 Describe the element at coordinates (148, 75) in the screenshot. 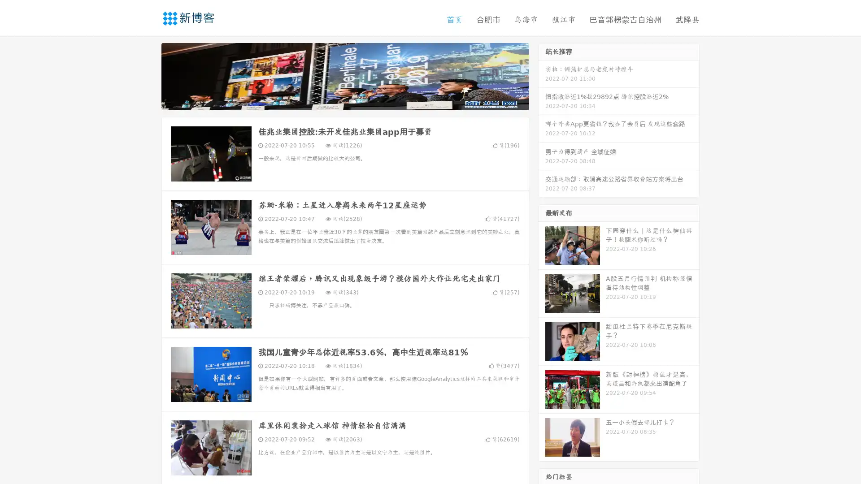

I see `Previous slide` at that location.